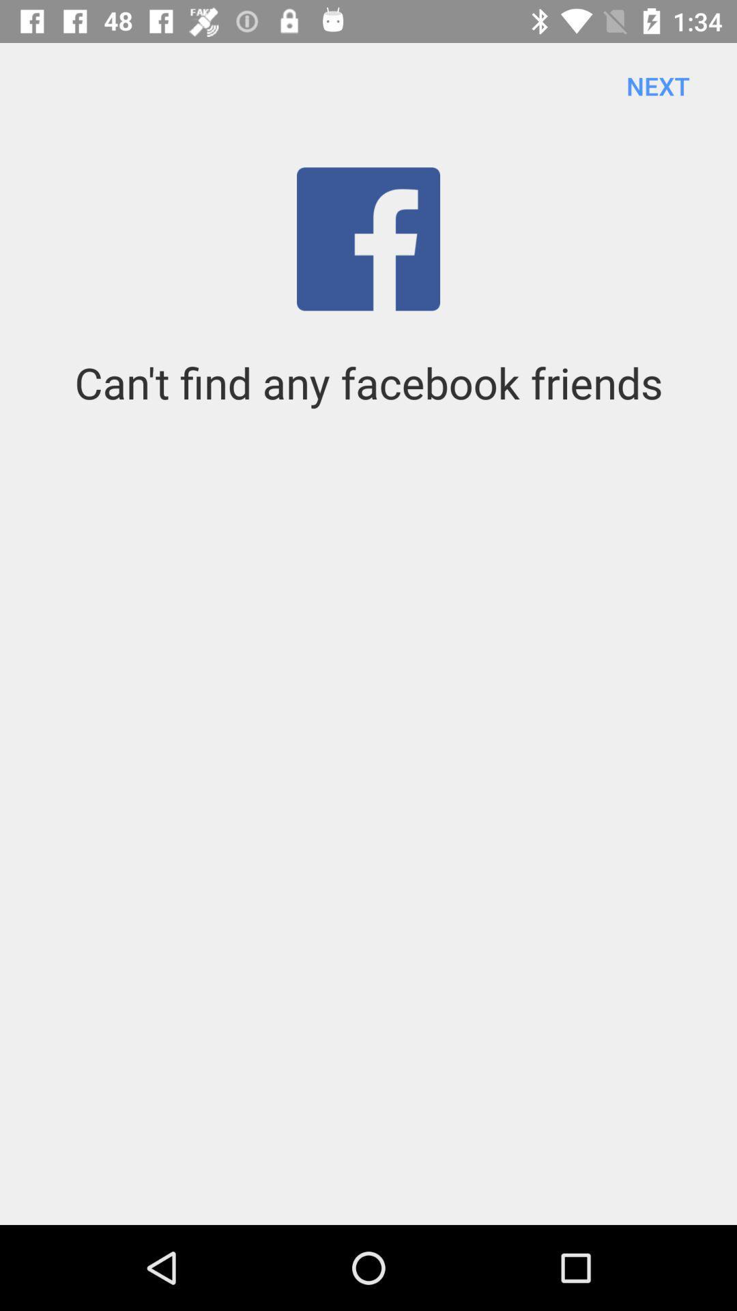 This screenshot has width=737, height=1311. I want to click on the item at the top right corner, so click(657, 85).